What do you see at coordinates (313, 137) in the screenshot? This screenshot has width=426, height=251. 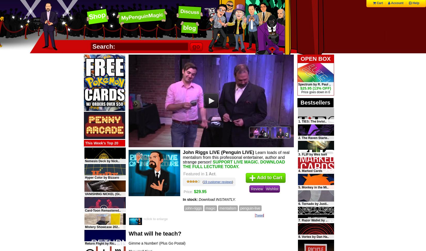 I see `'2. The Raven Starte..'` at bounding box center [313, 137].